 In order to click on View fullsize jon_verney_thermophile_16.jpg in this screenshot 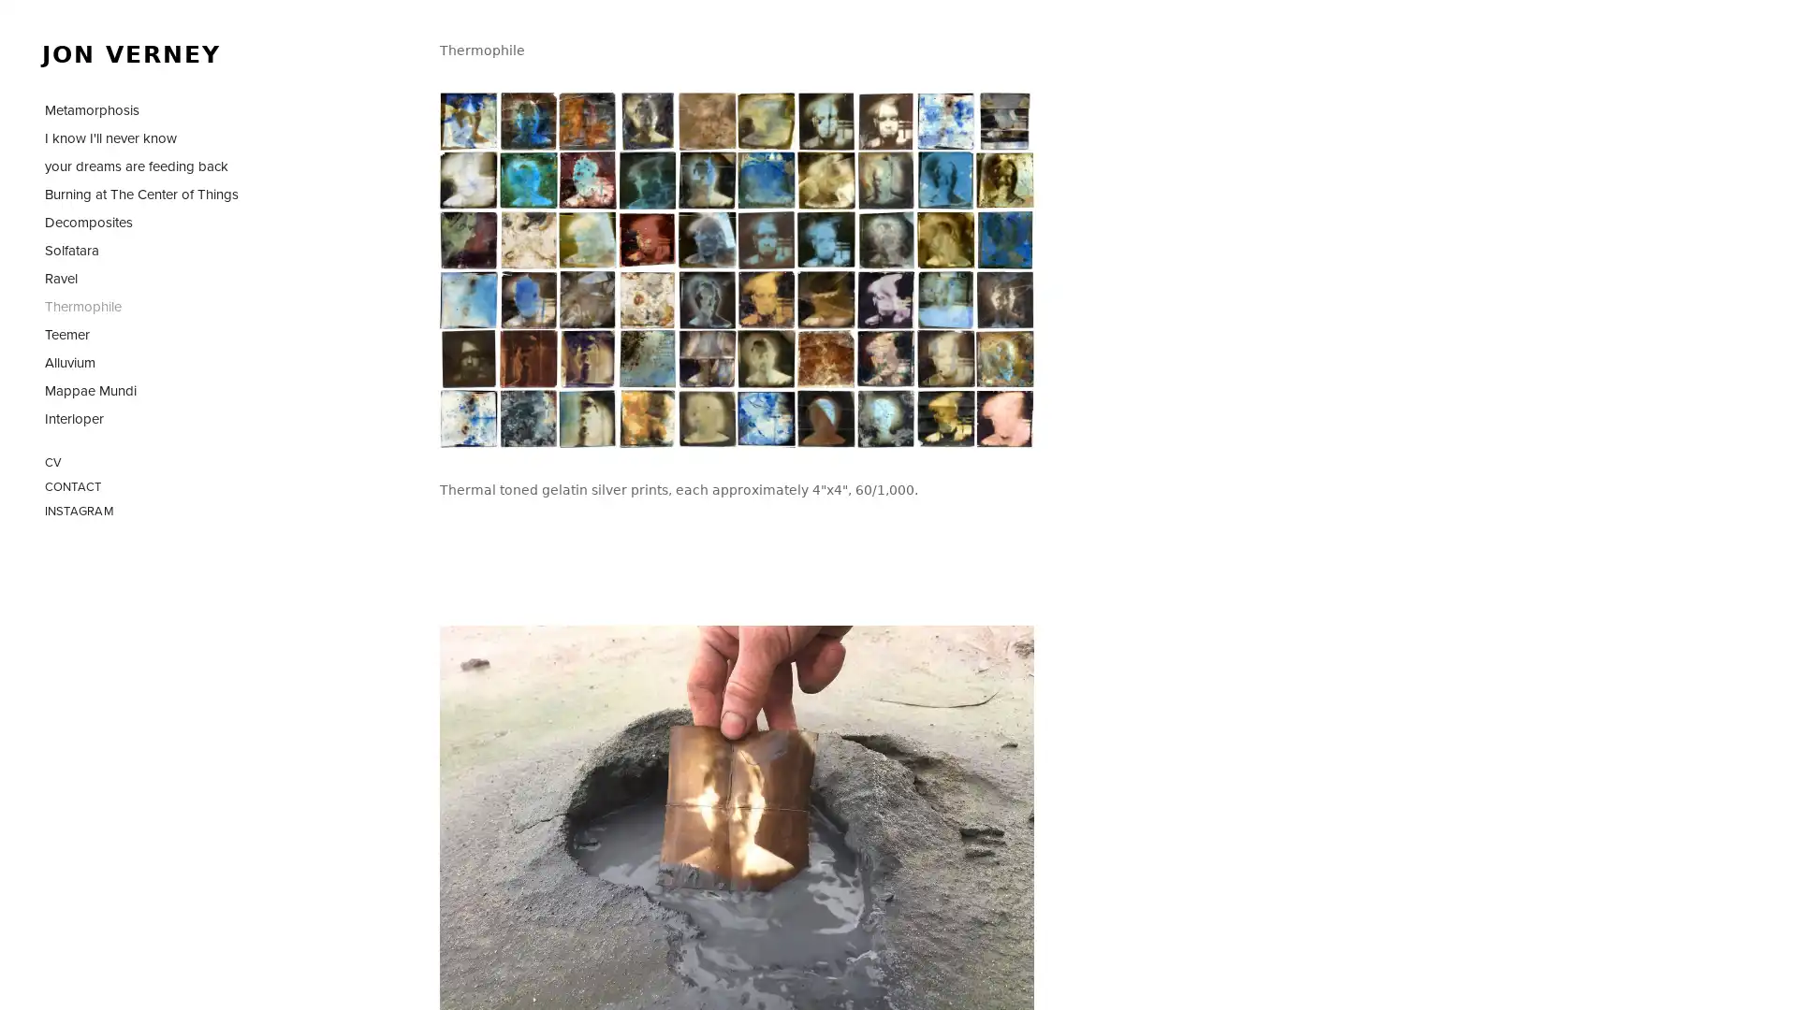, I will do `click(825, 238)`.